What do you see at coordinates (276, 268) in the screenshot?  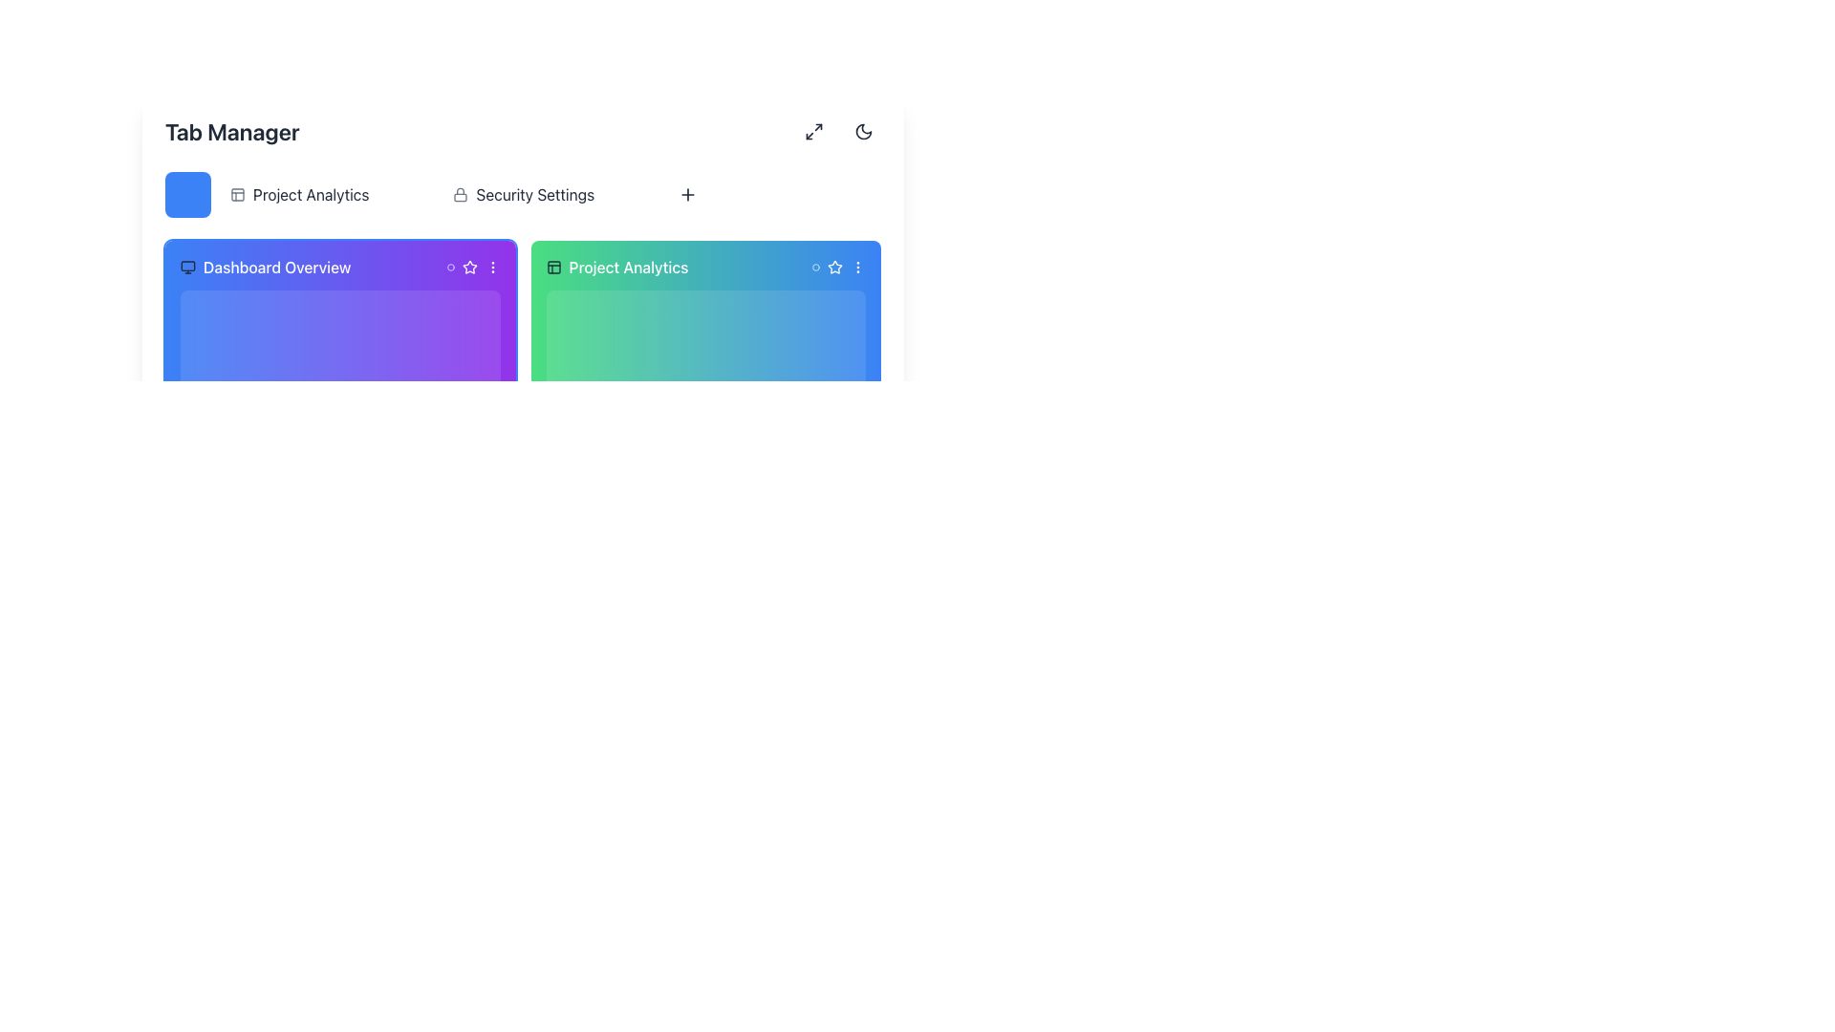 I see `label text which is the title for the purple panel, located at the center of the left purple panel next to a monitor-shaped icon` at bounding box center [276, 268].